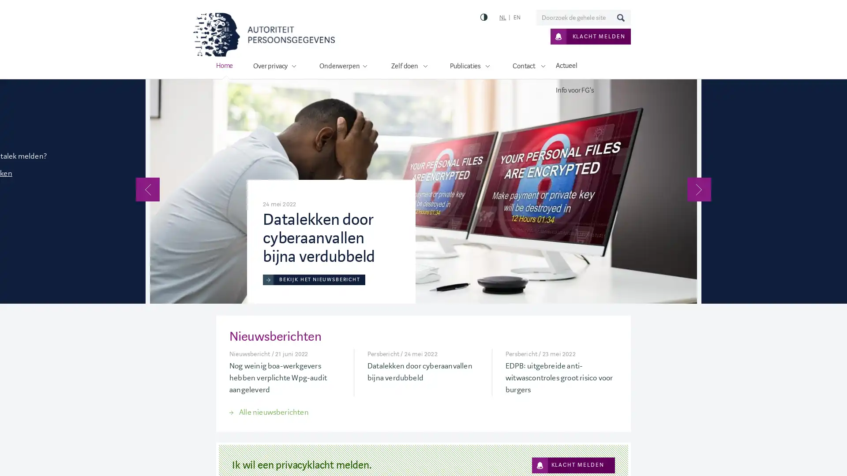 The image size is (847, 476). Describe the element at coordinates (620, 17) in the screenshot. I see `Zoeken` at that location.